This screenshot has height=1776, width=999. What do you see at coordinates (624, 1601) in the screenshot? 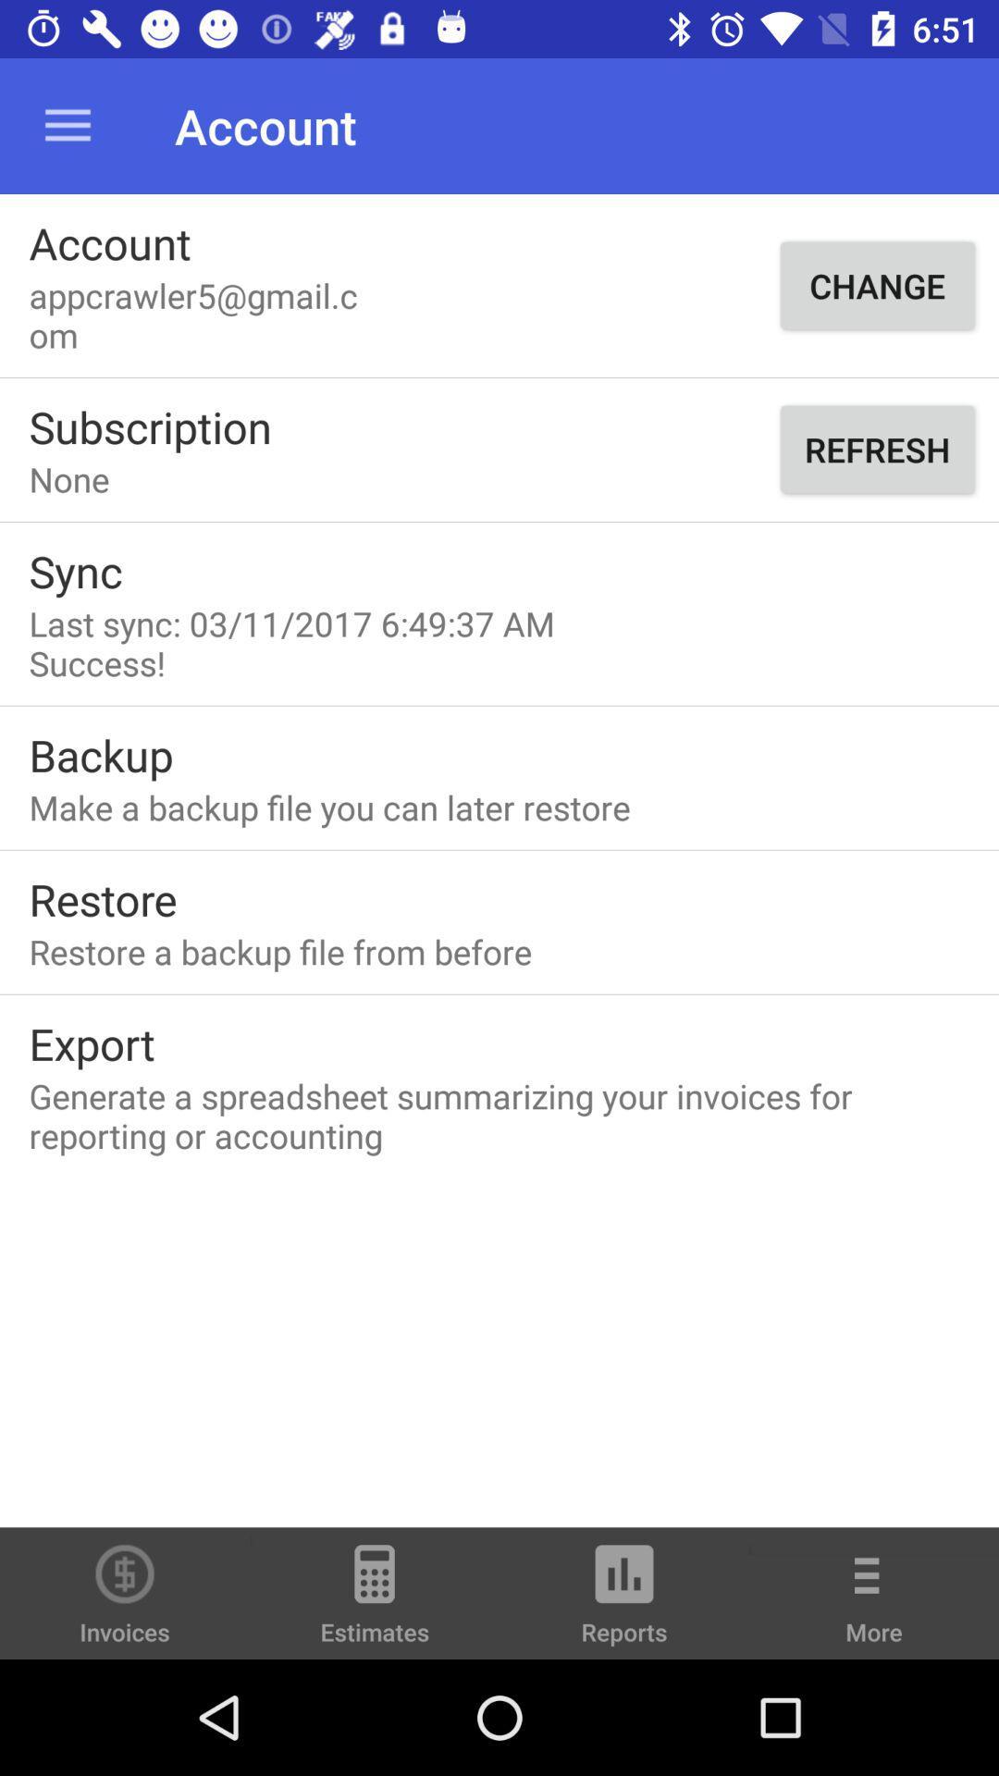
I see `the button reports on the bottom of the page` at bounding box center [624, 1601].